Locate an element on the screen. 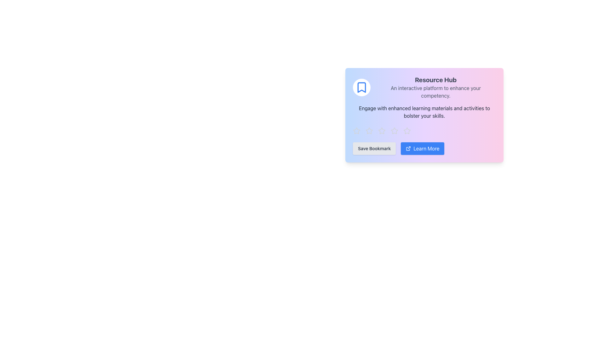 The image size is (605, 340). the button located on the right side of the two horizontally aligned buttons beneath the 'Resource Hub' section is located at coordinates (423, 148).